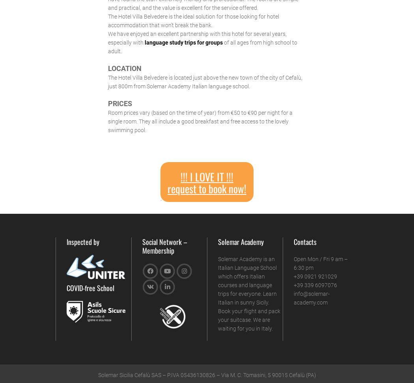 This screenshot has height=383, width=414. I want to click on 'Room prices vary (based on the time of year) from €50 to €90 per night for a single room. They all include a good breakfast and free access to the lovely swimming pool.', so click(200, 121).